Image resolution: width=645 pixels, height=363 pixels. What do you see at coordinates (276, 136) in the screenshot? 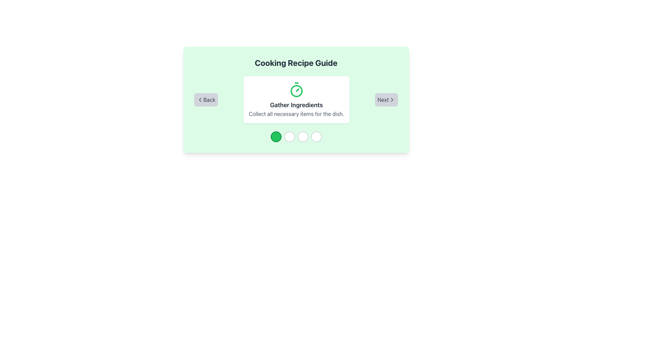
I see `the first circular step progress marker at the bottom center of the interface, which is currently active and indicated by its green color` at bounding box center [276, 136].